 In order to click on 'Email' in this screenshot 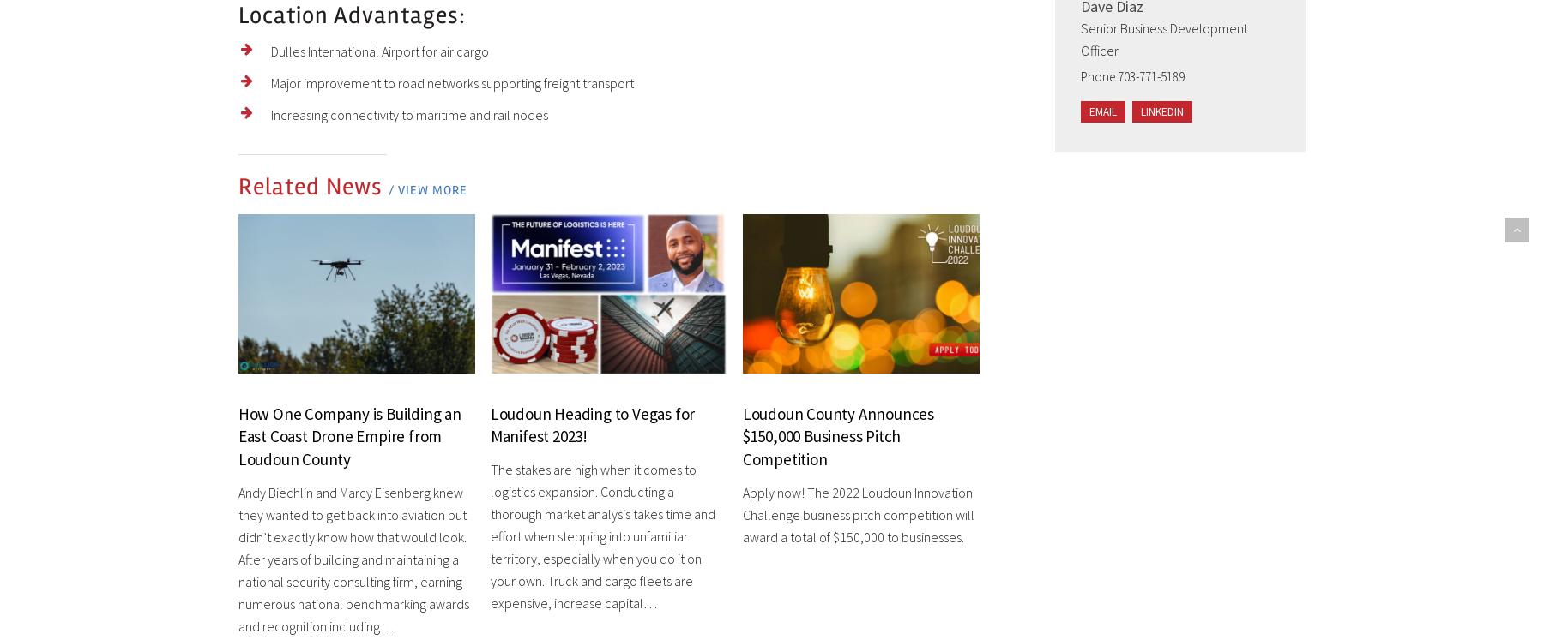, I will do `click(1089, 109)`.